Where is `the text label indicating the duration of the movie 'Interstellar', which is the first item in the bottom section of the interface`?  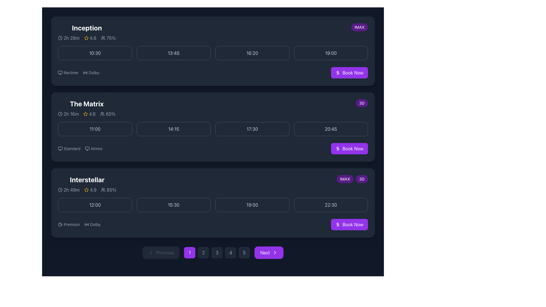
the text label indicating the duration of the movie 'Interstellar', which is the first item in the bottom section of the interface is located at coordinates (69, 190).